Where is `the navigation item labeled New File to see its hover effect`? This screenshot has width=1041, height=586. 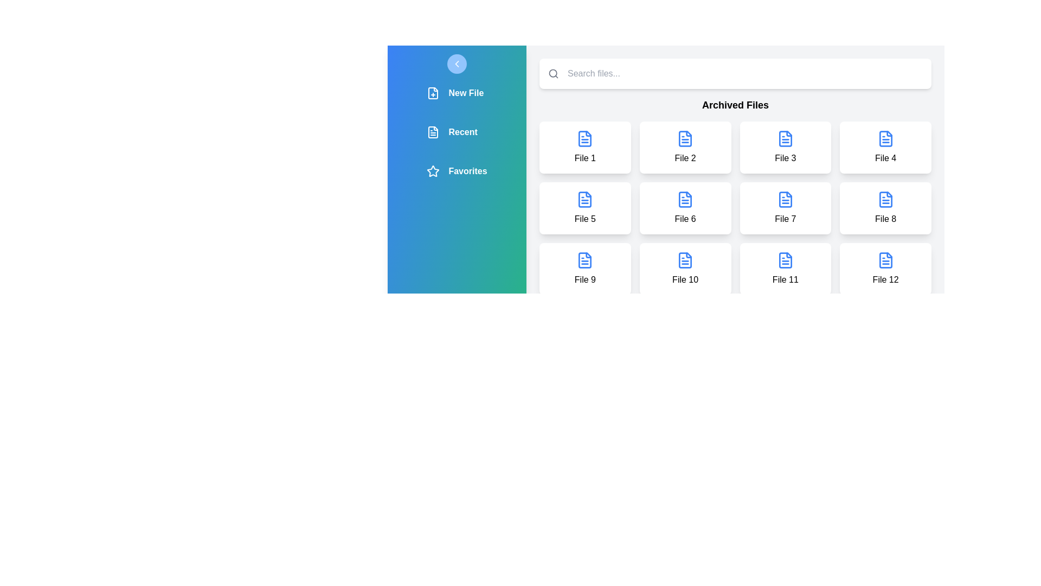
the navigation item labeled New File to see its hover effect is located at coordinates (457, 93).